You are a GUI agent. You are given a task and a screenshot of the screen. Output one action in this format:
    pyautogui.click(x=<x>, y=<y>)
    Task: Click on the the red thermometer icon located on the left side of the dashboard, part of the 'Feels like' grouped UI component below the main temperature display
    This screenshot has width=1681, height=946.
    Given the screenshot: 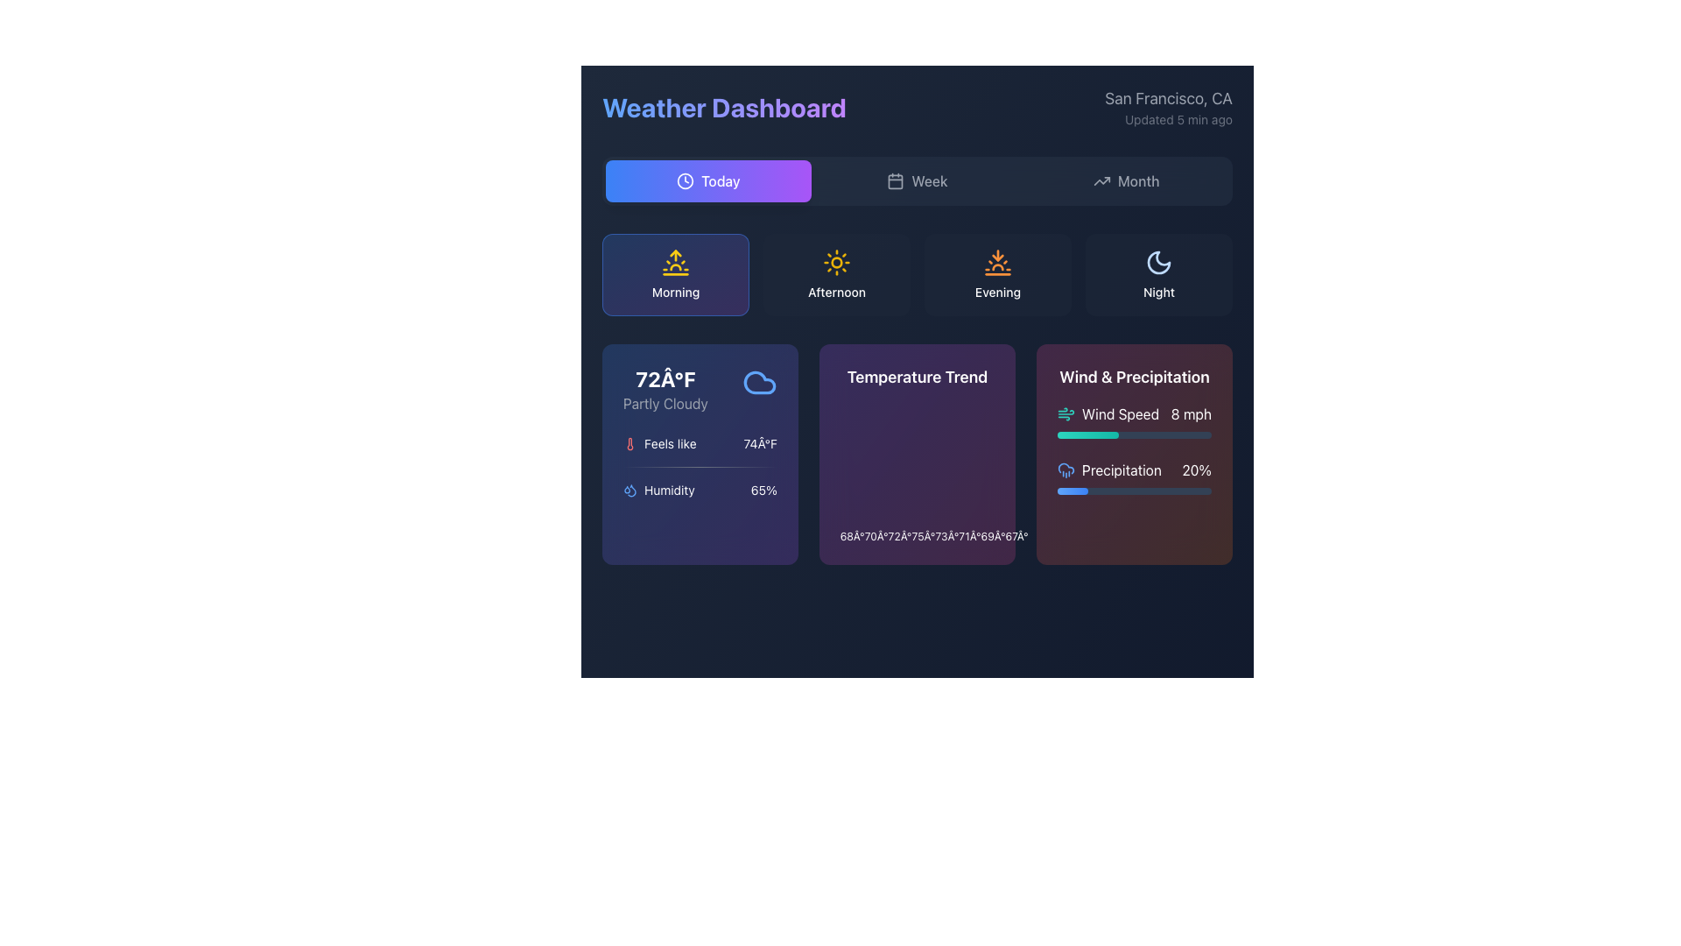 What is the action you would take?
    pyautogui.click(x=630, y=442)
    